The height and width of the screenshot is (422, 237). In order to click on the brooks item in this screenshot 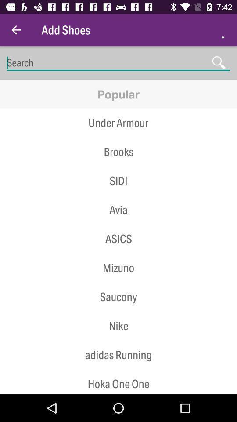, I will do `click(118, 152)`.